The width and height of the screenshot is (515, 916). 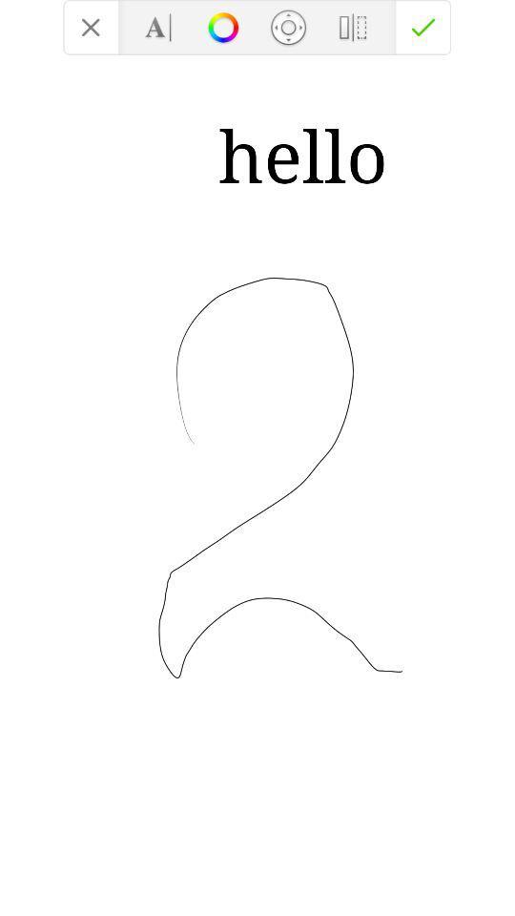 I want to click on change text, so click(x=157, y=26).